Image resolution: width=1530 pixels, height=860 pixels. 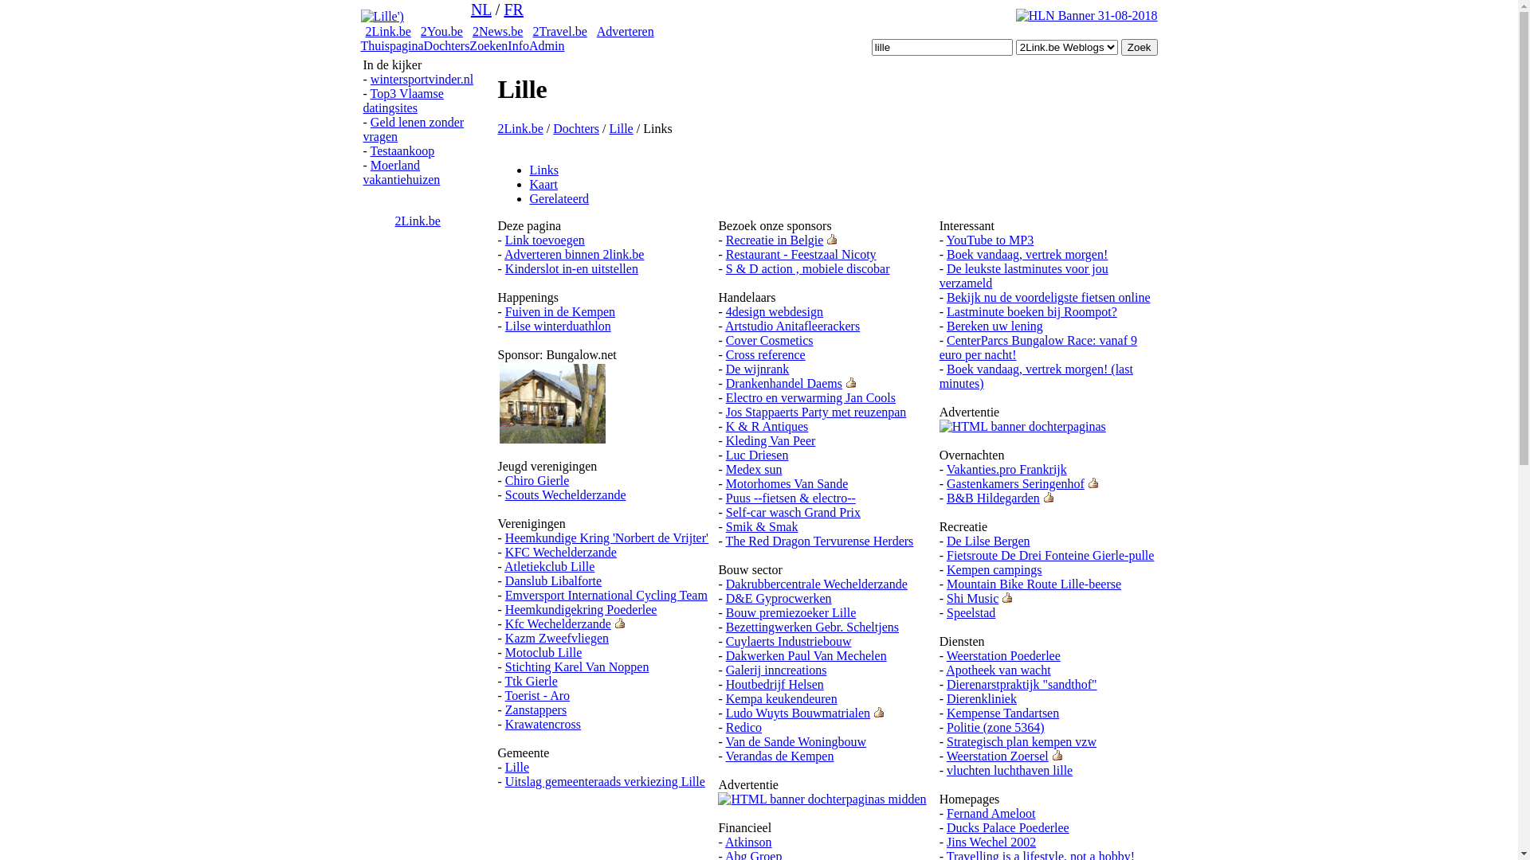 What do you see at coordinates (774, 311) in the screenshot?
I see `'4design webdesign'` at bounding box center [774, 311].